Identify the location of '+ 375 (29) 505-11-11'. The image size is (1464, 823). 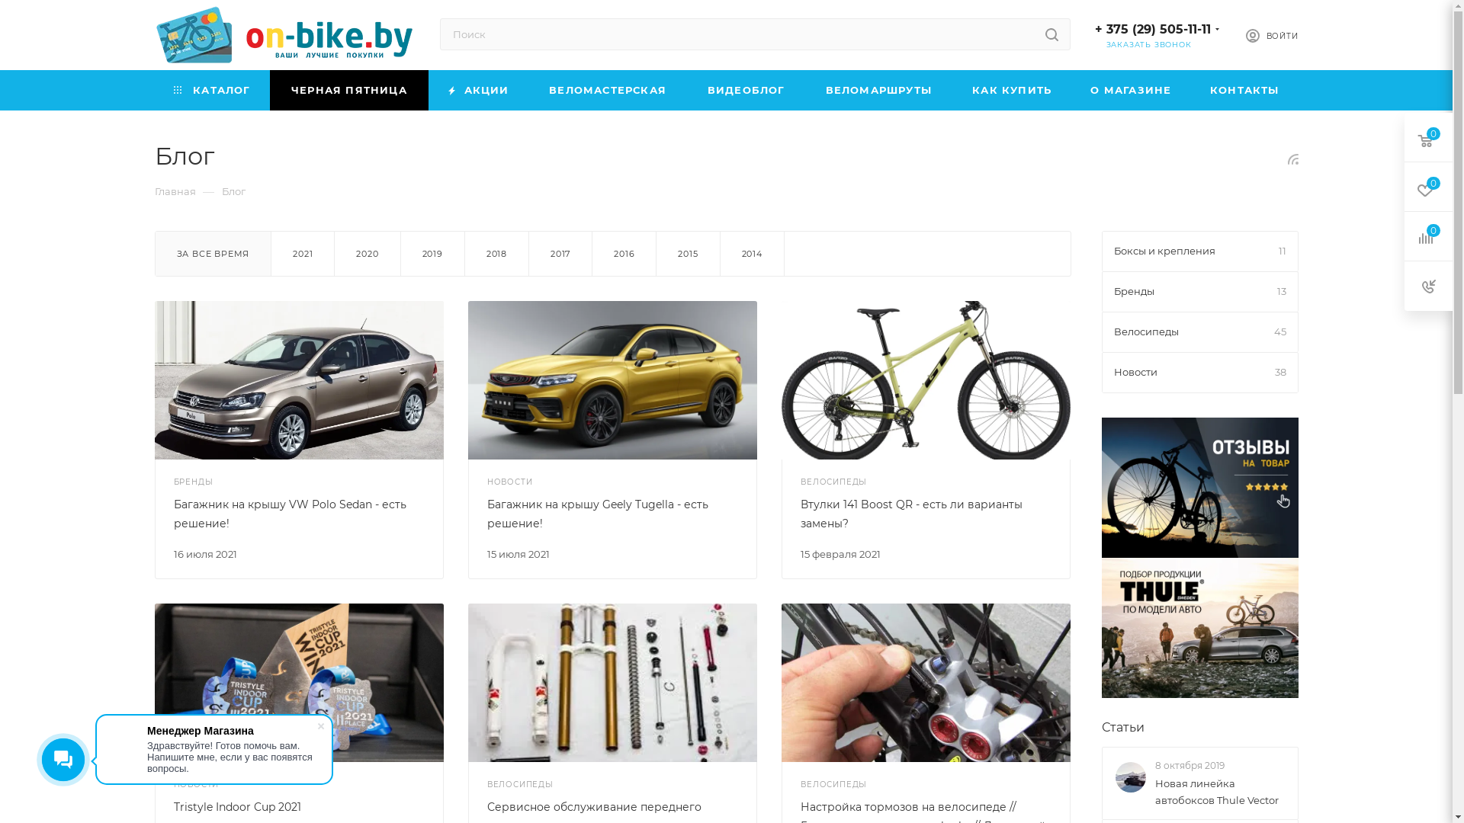
(1153, 28).